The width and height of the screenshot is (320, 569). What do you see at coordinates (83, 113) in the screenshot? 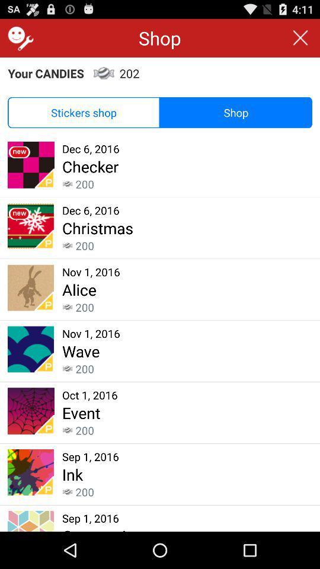
I see `the item to the left of the shop icon` at bounding box center [83, 113].